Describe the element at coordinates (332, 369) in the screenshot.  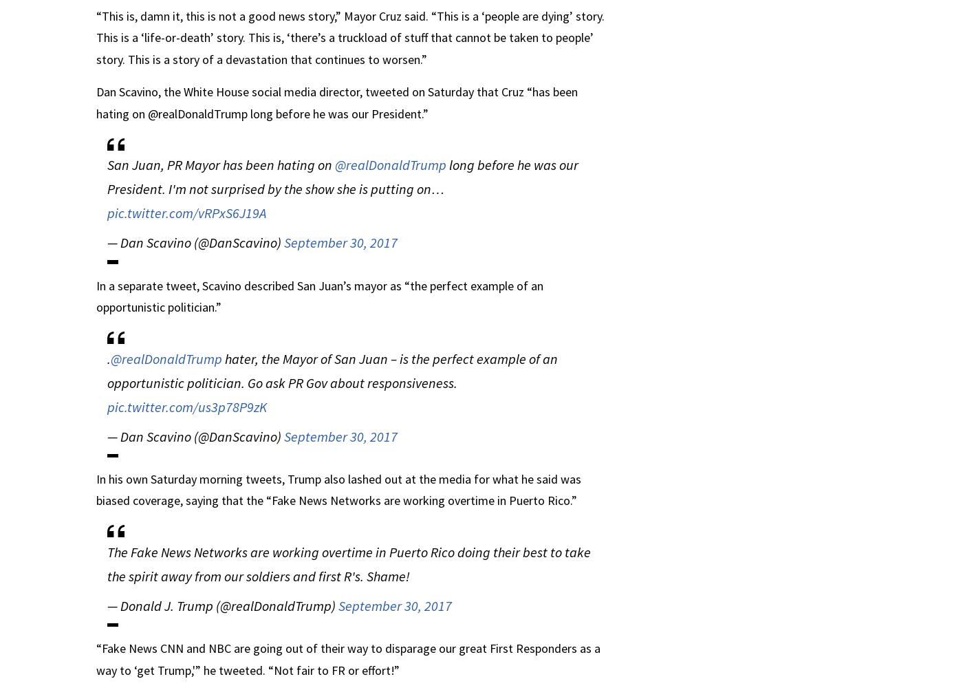
I see `'hater, the Mayor of San Juan – is the perfect example of an opportunistic politician. Go ask PR Gov about responsiveness.'` at that location.